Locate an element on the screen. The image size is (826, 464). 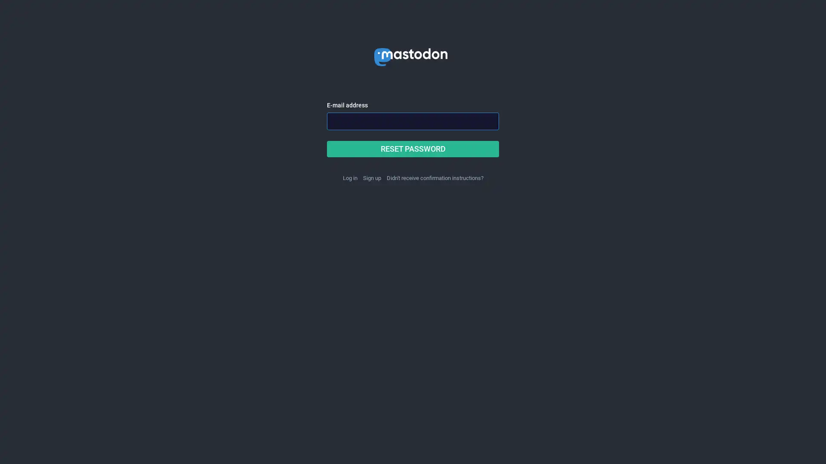
RESET PASSWORD is located at coordinates (413, 149).